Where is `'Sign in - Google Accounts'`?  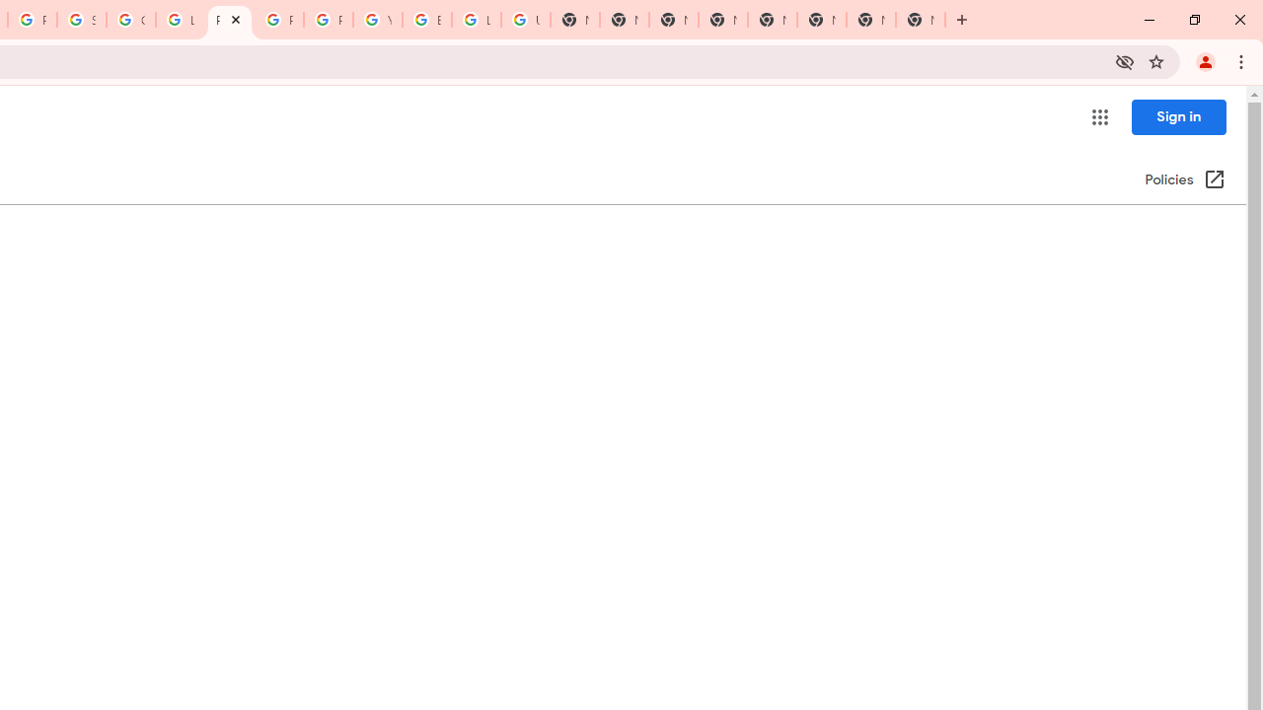 'Sign in - Google Accounts' is located at coordinates (80, 20).